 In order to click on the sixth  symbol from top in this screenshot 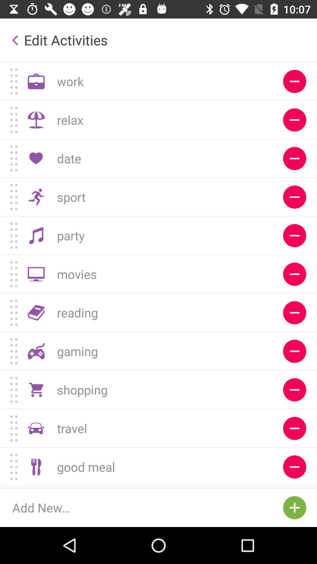, I will do `click(294, 274)`.